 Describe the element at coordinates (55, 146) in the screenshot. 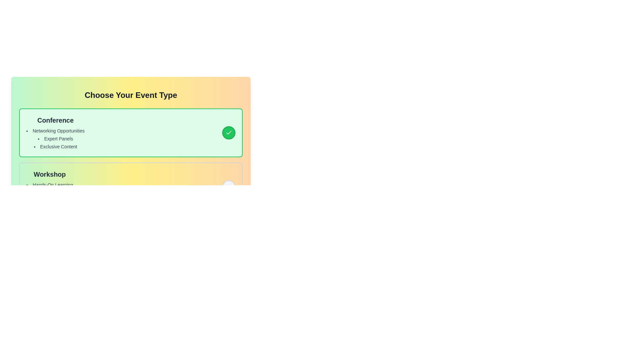

I see `the non-interactive text label that represents an item in the list under the 'Conference' section, specifically the third item located beneath 'Expert Panels'` at that location.